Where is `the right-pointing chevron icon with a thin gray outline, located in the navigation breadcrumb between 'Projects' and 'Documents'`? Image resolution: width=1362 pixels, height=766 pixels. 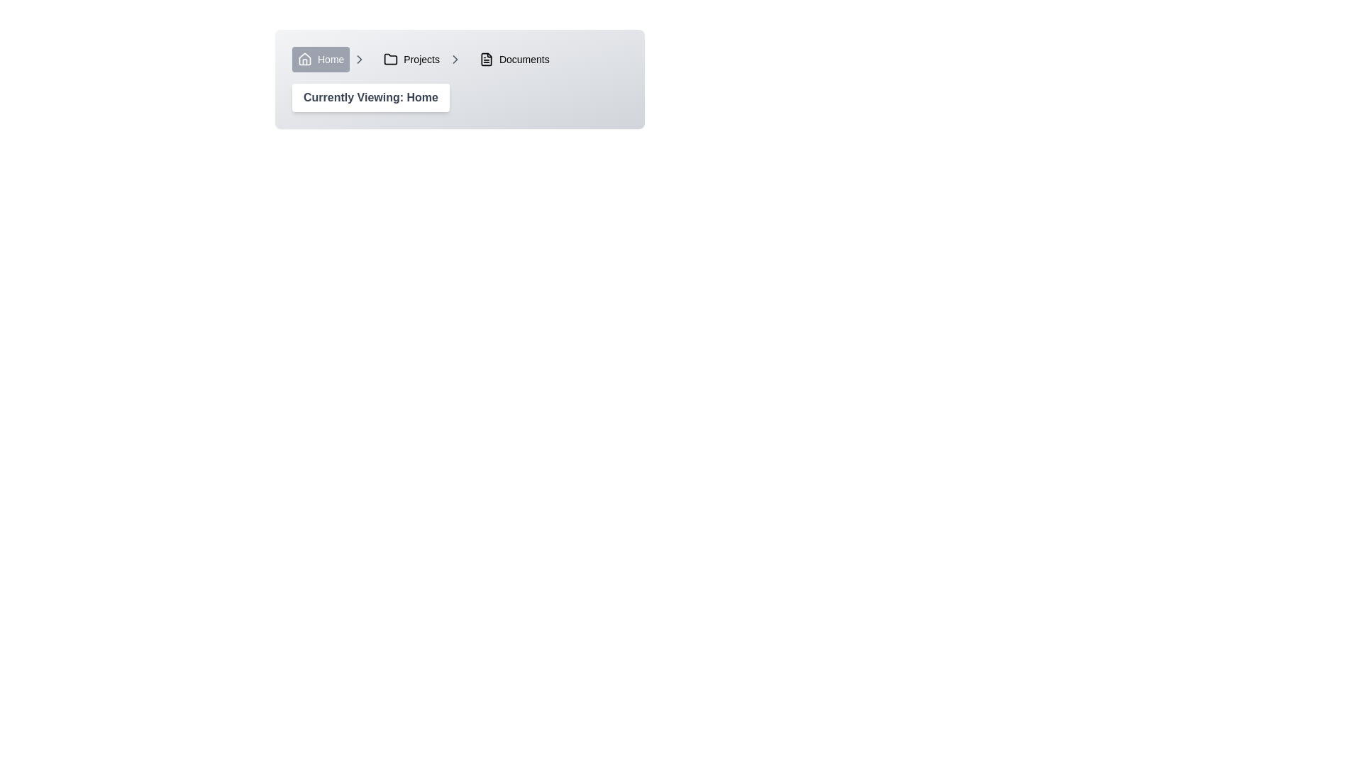 the right-pointing chevron icon with a thin gray outline, located in the navigation breadcrumb between 'Projects' and 'Documents' is located at coordinates (455, 59).